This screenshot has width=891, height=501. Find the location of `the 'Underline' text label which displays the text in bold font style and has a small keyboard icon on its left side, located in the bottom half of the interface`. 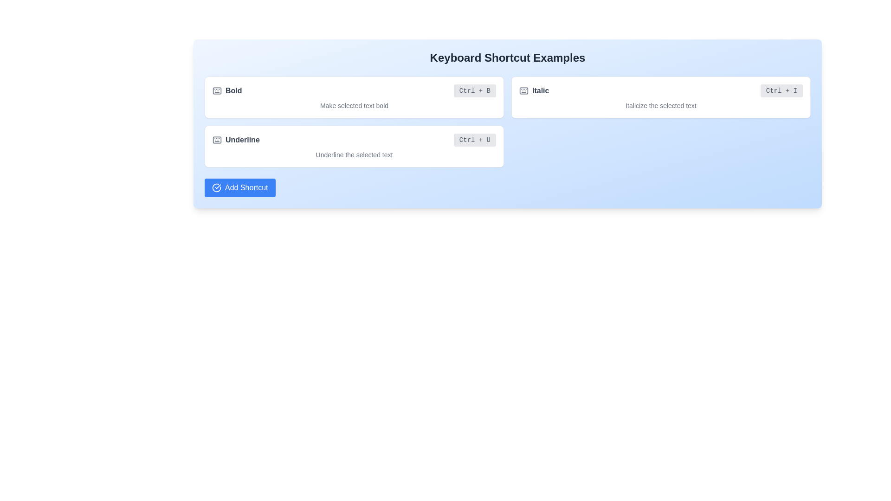

the 'Underline' text label which displays the text in bold font style and has a small keyboard icon on its left side, located in the bottom half of the interface is located at coordinates (236, 140).